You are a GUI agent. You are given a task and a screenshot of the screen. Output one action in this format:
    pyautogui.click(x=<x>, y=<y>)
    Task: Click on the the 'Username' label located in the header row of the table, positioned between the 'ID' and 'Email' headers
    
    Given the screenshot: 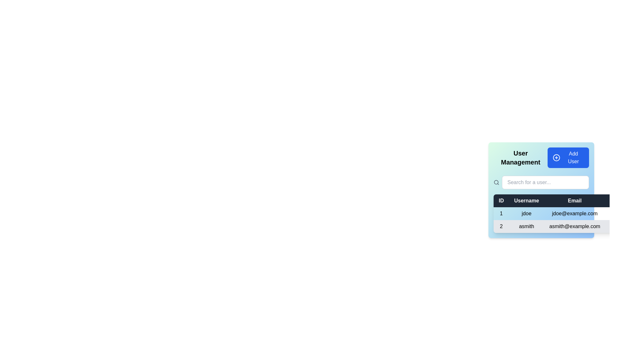 What is the action you would take?
    pyautogui.click(x=526, y=200)
    